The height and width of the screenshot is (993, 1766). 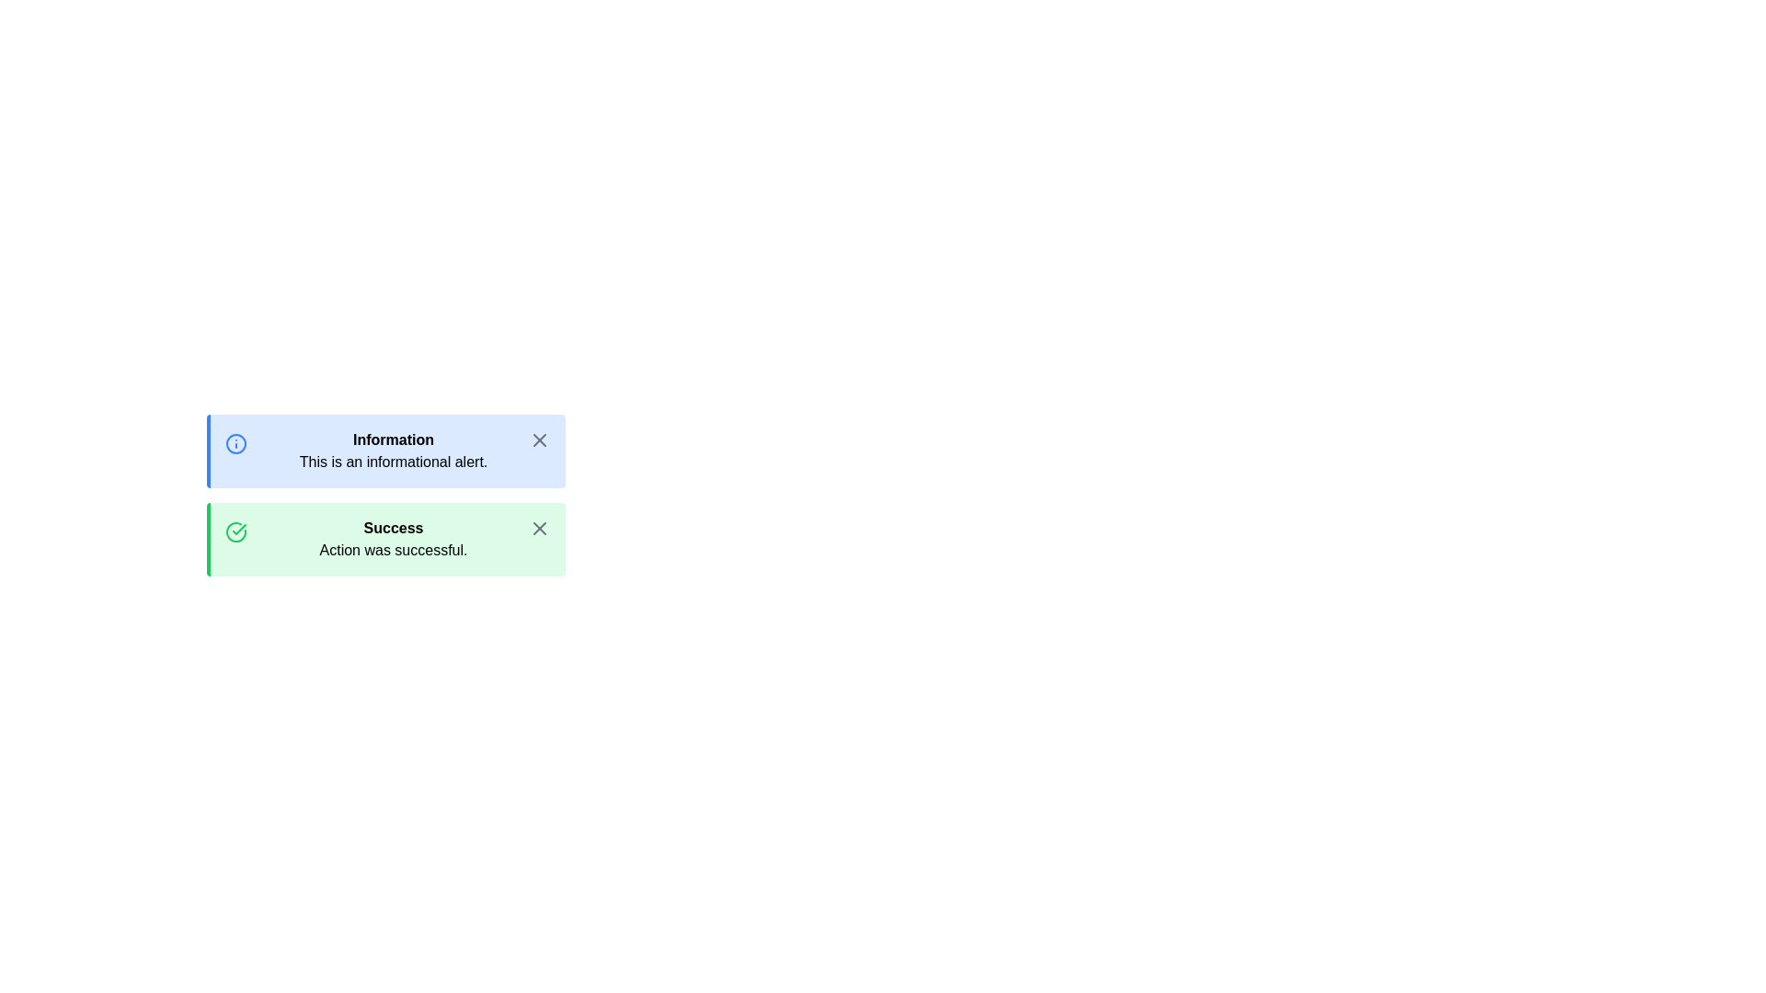 I want to click on information displayed in the first alert box, which is styled to notify users with a message and is positioned above a green 'Success' alert box, so click(x=385, y=451).